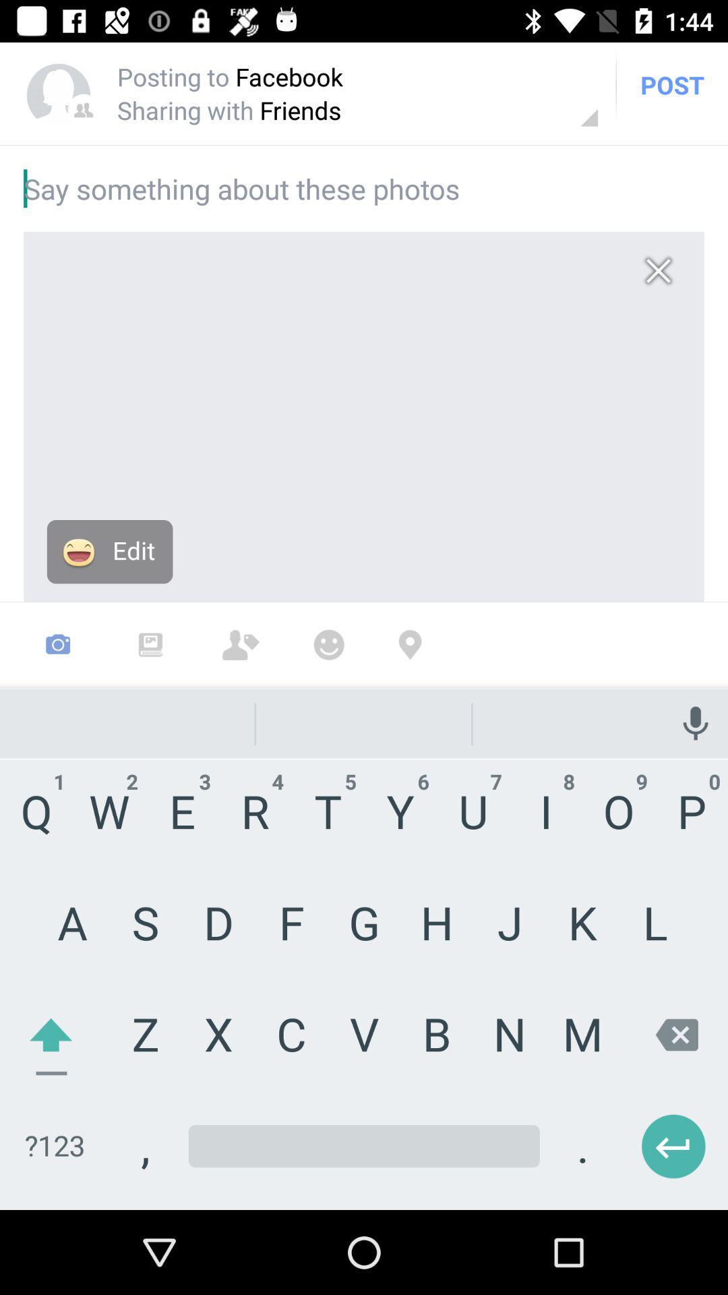 The image size is (728, 1295). What do you see at coordinates (686, 92) in the screenshot?
I see `the post on top right` at bounding box center [686, 92].